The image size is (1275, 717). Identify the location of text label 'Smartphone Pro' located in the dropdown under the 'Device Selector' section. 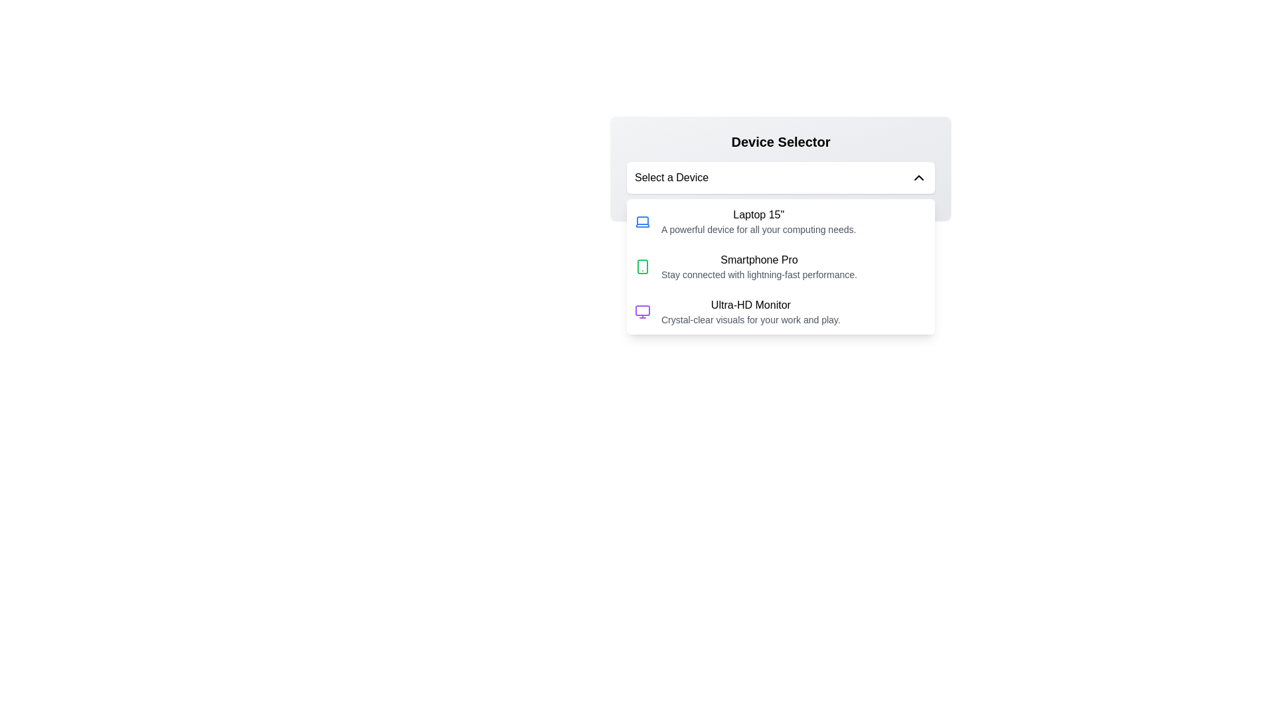
(759, 260).